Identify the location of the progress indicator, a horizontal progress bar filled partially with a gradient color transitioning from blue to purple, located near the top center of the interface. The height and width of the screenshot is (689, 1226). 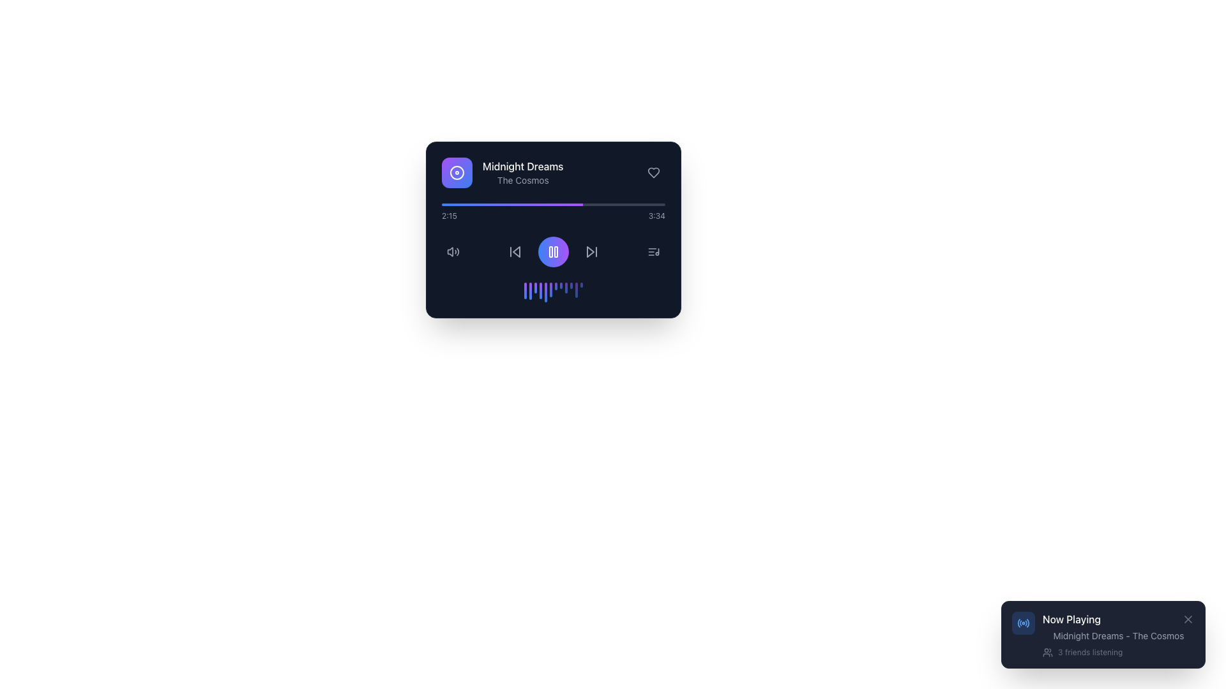
(512, 204).